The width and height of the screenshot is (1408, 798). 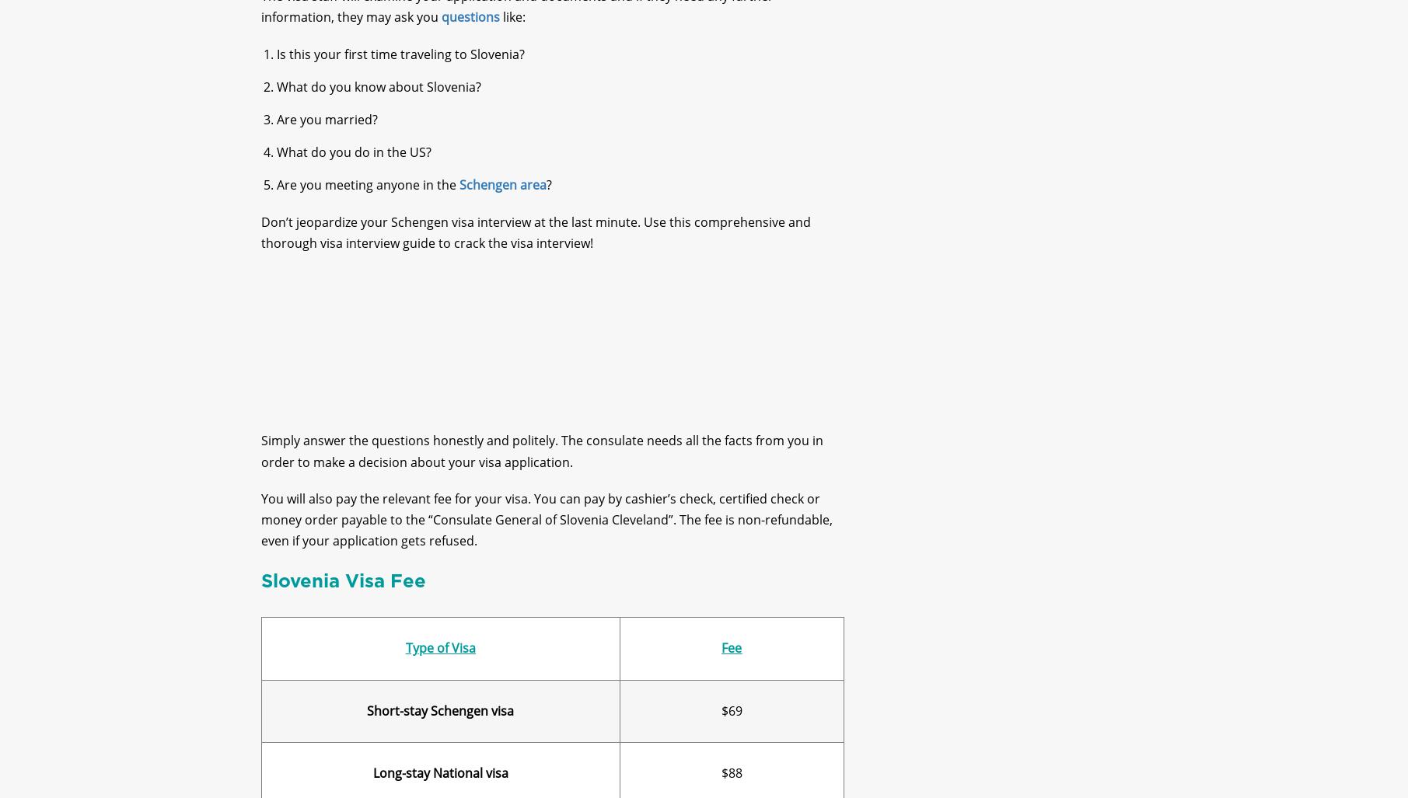 I want to click on '?', so click(x=547, y=198).